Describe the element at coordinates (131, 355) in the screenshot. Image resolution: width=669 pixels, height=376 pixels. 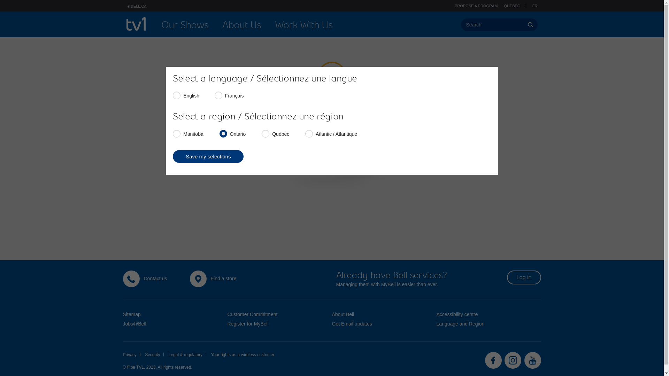
I see `'Privacy'` at that location.